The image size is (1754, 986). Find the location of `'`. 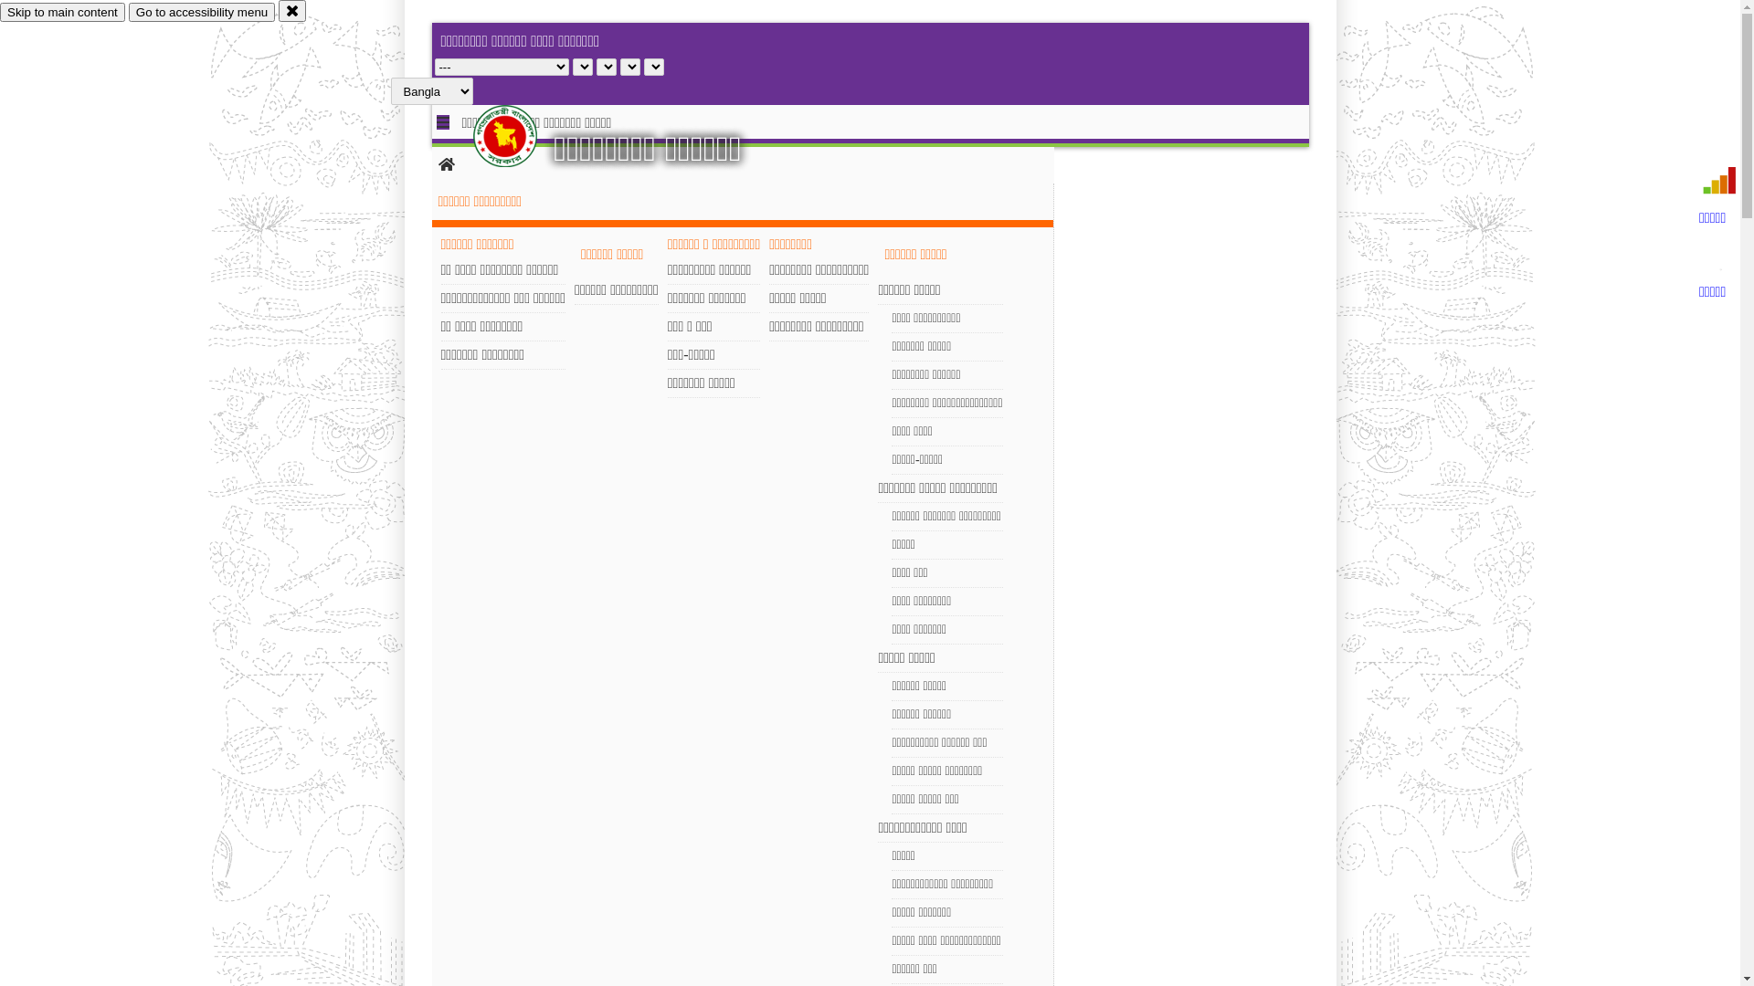

' is located at coordinates (520, 135).